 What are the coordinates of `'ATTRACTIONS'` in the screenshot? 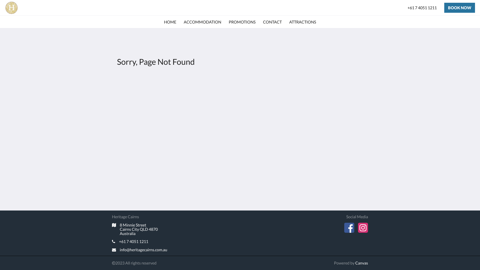 It's located at (302, 22).